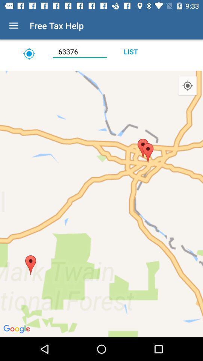 The width and height of the screenshot is (203, 361). What do you see at coordinates (101, 68) in the screenshot?
I see `location` at bounding box center [101, 68].